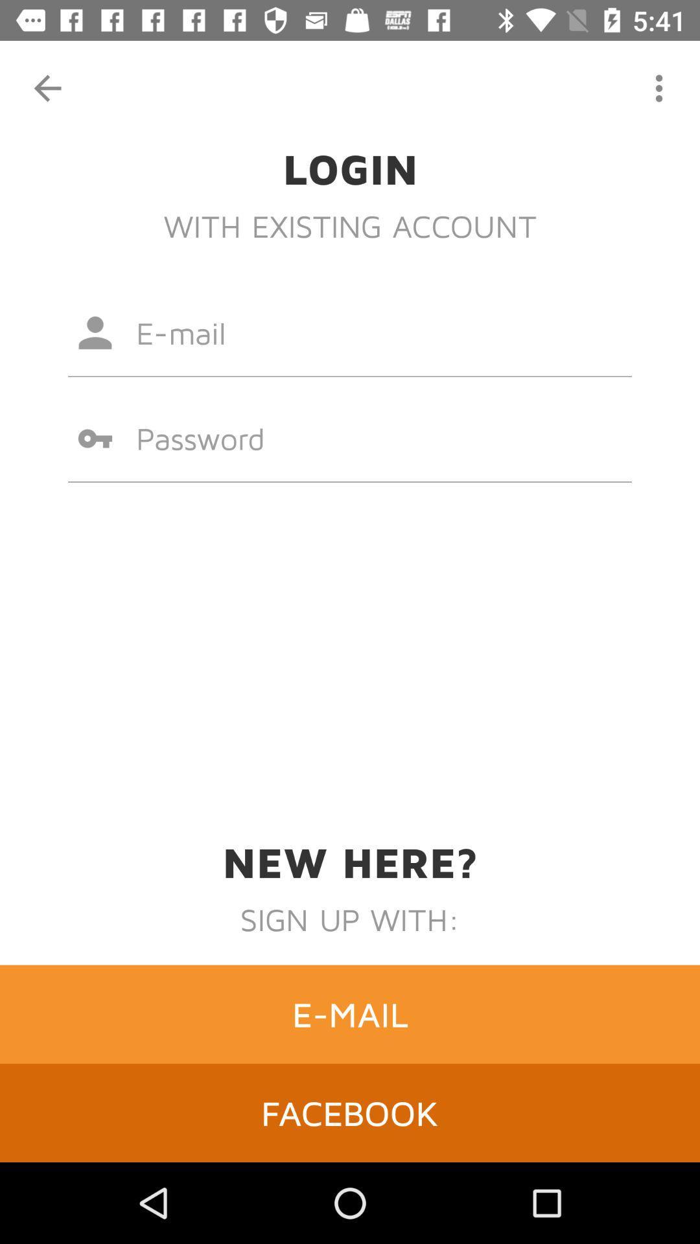  Describe the element at coordinates (350, 1013) in the screenshot. I see `e-mail` at that location.